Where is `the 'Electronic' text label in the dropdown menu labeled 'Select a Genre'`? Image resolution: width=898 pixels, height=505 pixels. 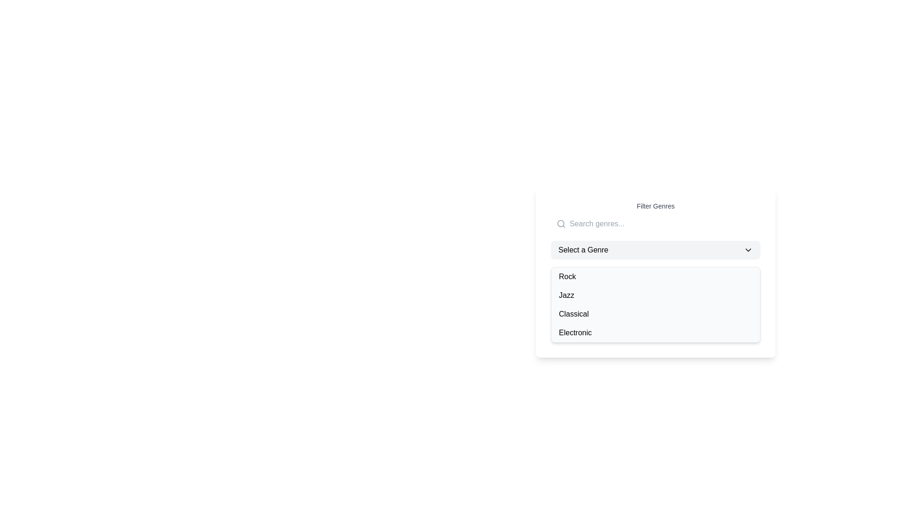
the 'Electronic' text label in the dropdown menu labeled 'Select a Genre' is located at coordinates (575, 332).